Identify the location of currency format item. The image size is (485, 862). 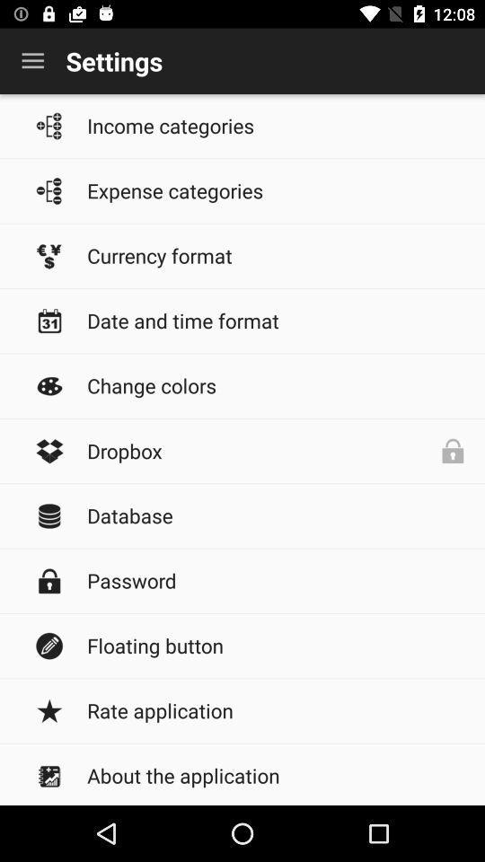
(277, 254).